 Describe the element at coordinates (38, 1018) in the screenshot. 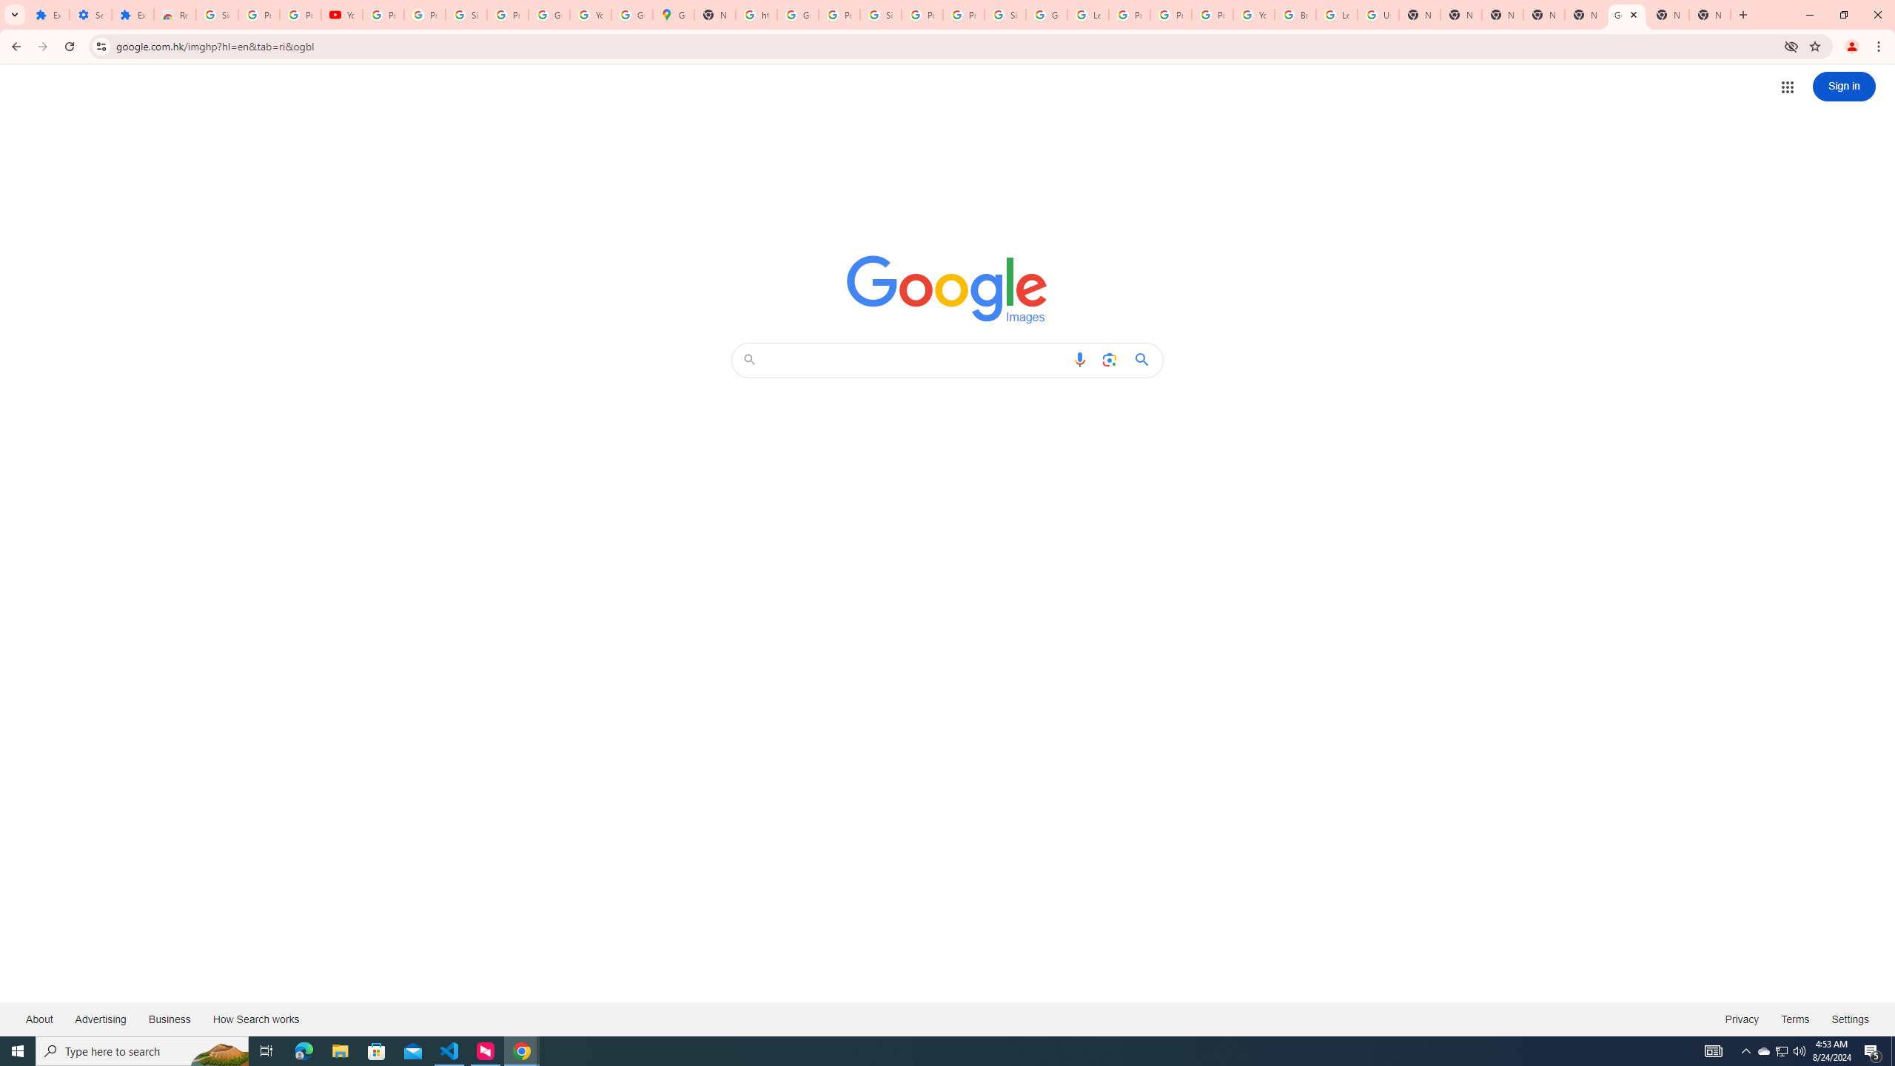

I see `'About'` at that location.